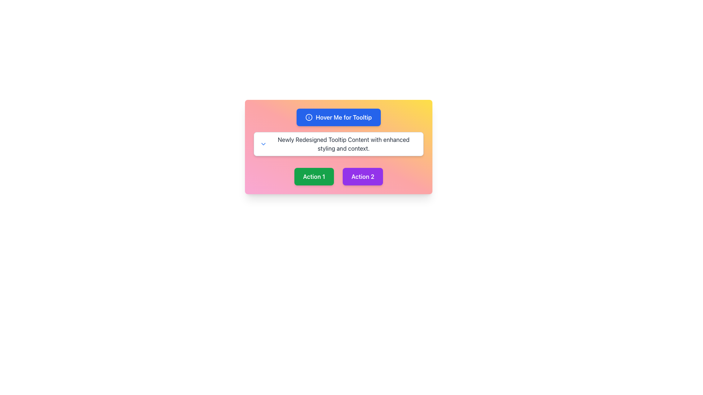 The image size is (703, 395). I want to click on the circular SVG Circle Component that forms the outer frame of an information icon located in the header section of the card, so click(309, 117).